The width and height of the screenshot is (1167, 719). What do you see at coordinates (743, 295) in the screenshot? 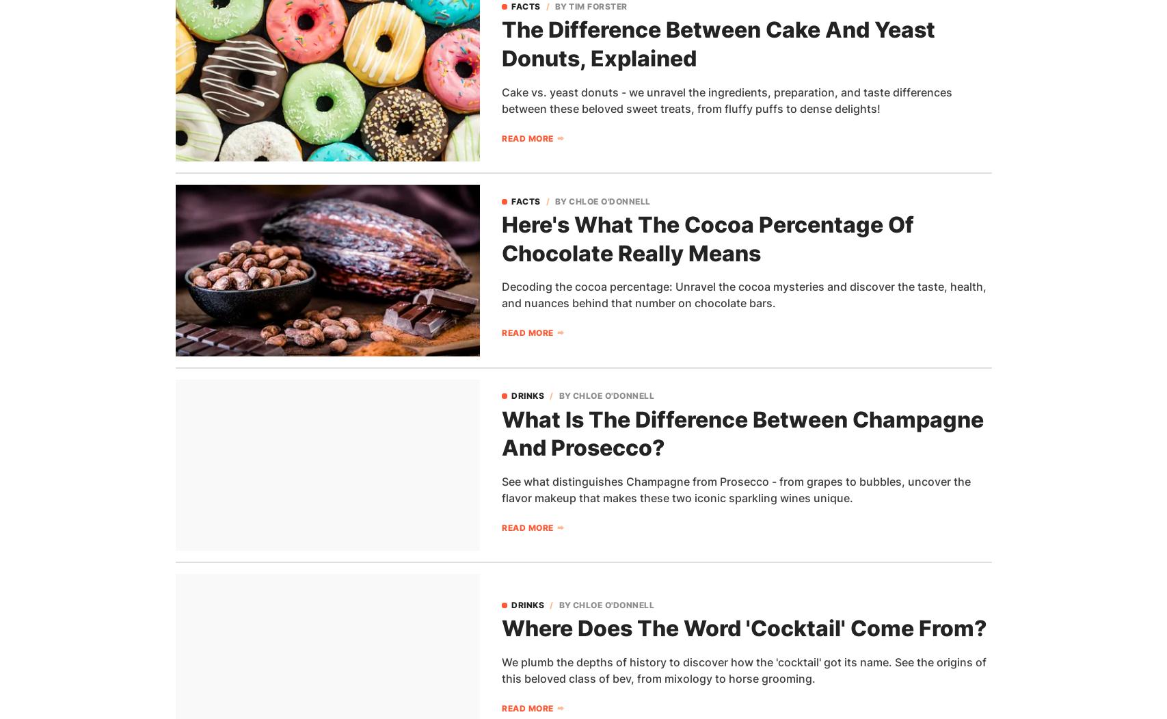
I see `'Decoding the cocoa percentage: Unravel the cocoa mysteries and discover the taste, health, and nuances behind that number on chocolate bars.'` at bounding box center [743, 295].